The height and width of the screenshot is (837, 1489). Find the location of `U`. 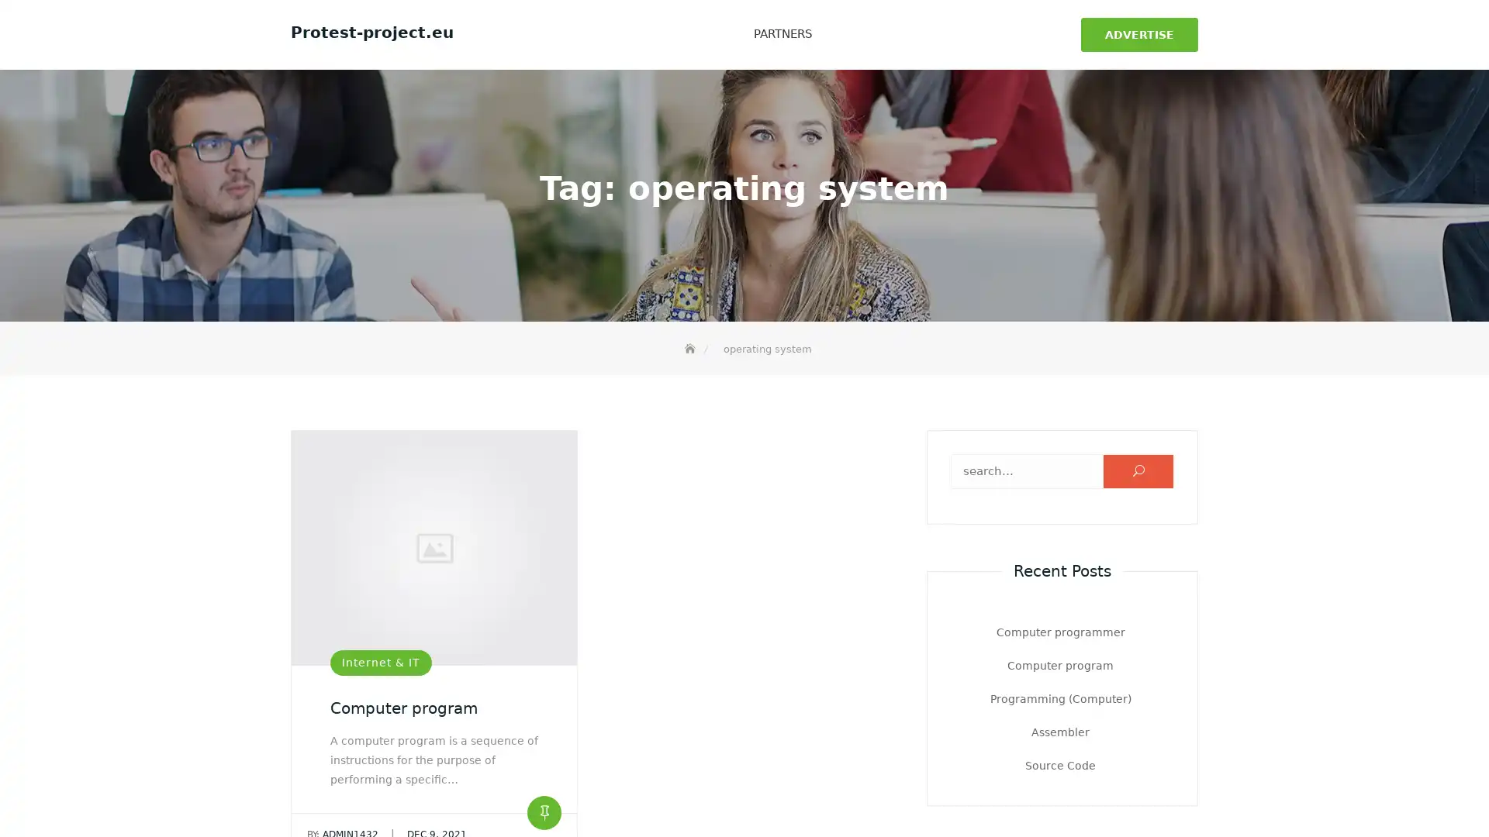

U is located at coordinates (1138, 465).